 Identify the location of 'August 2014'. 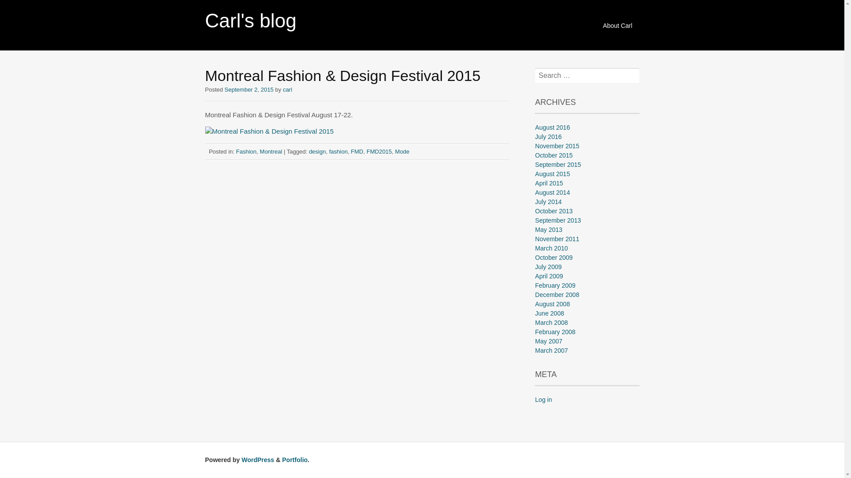
(552, 192).